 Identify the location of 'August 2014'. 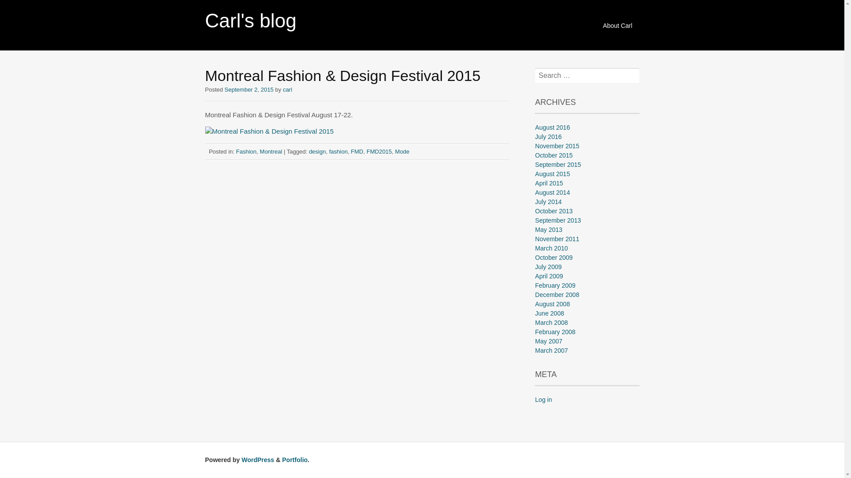
(552, 192).